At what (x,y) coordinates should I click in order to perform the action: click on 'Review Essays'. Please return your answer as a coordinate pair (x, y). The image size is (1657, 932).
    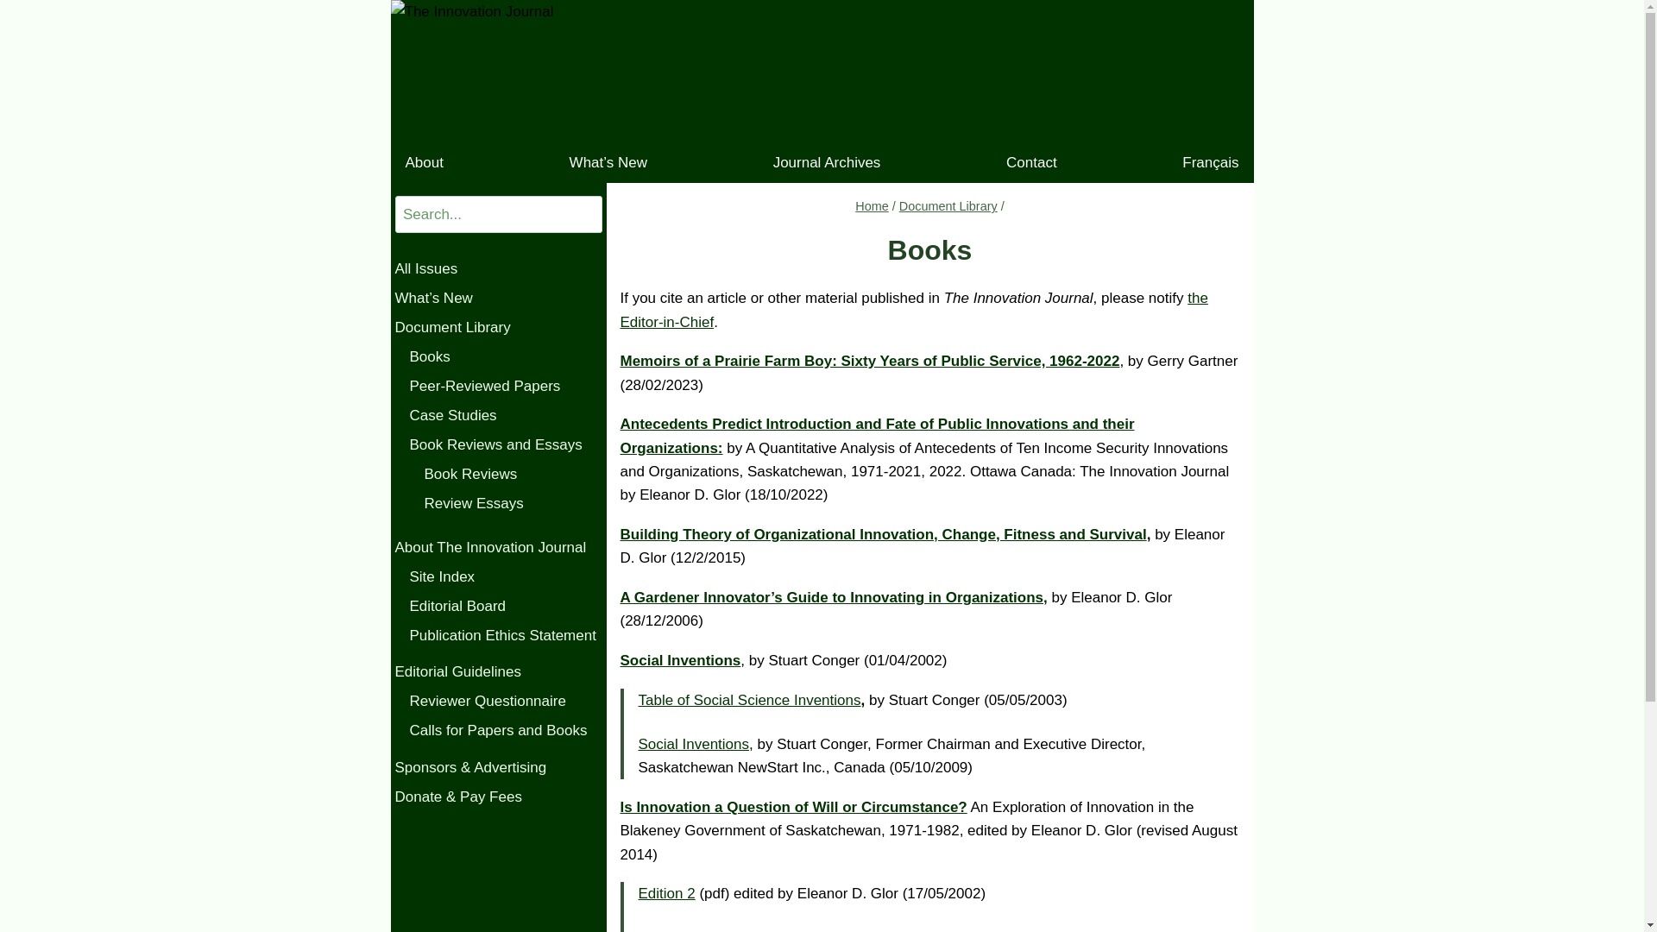
    Looking at the image, I should click on (424, 503).